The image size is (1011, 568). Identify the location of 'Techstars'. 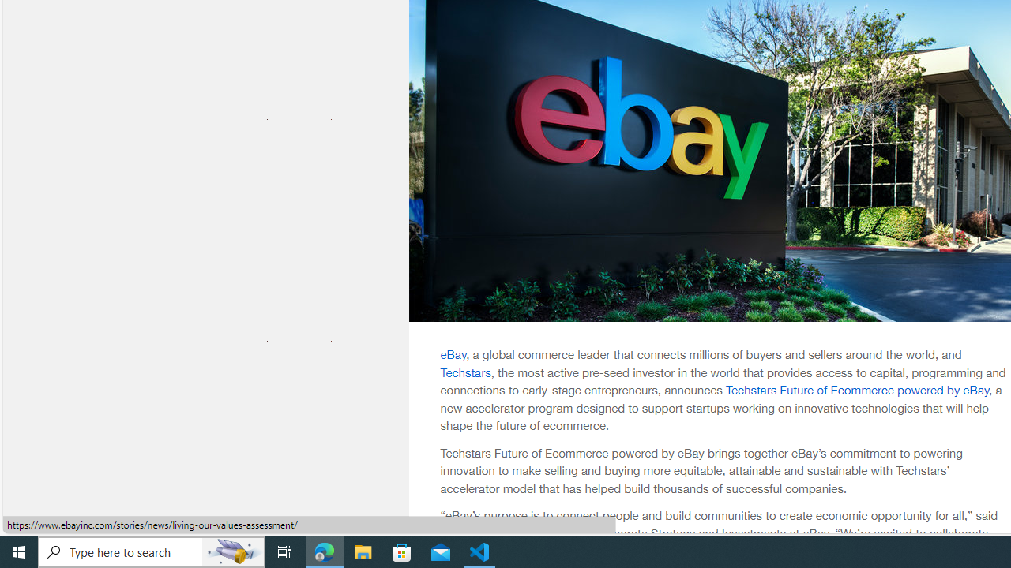
(464, 372).